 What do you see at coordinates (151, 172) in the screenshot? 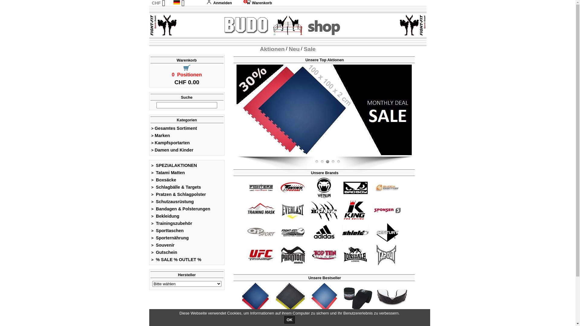
I see `'>  Tatami Matten'` at bounding box center [151, 172].